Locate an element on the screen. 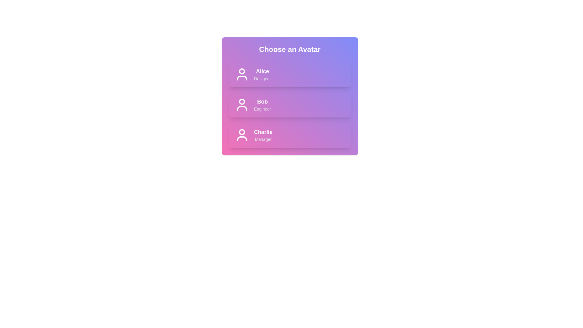  the Text Header displaying 'Choose an Avatar' in bold white font, located at the top of the rectangular card with a gradient purple-to-pink background is located at coordinates (289, 49).